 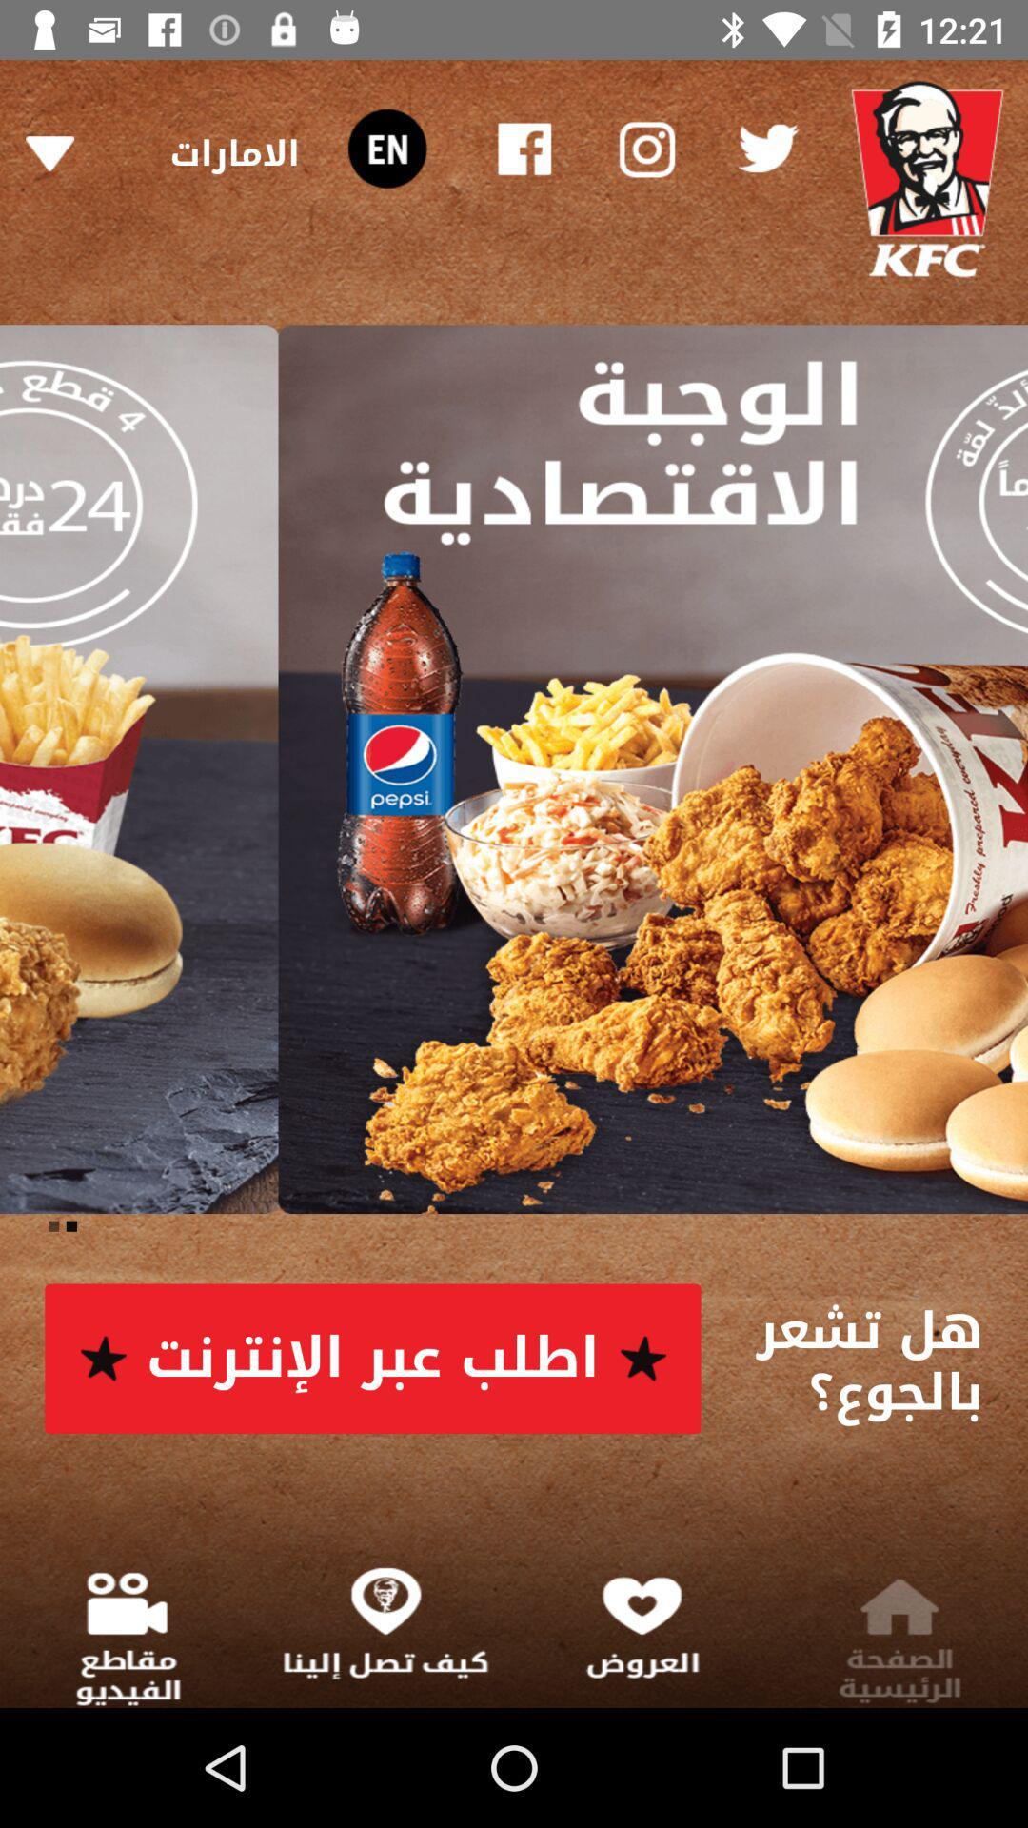 I want to click on the twitter icon, so click(x=766, y=148).